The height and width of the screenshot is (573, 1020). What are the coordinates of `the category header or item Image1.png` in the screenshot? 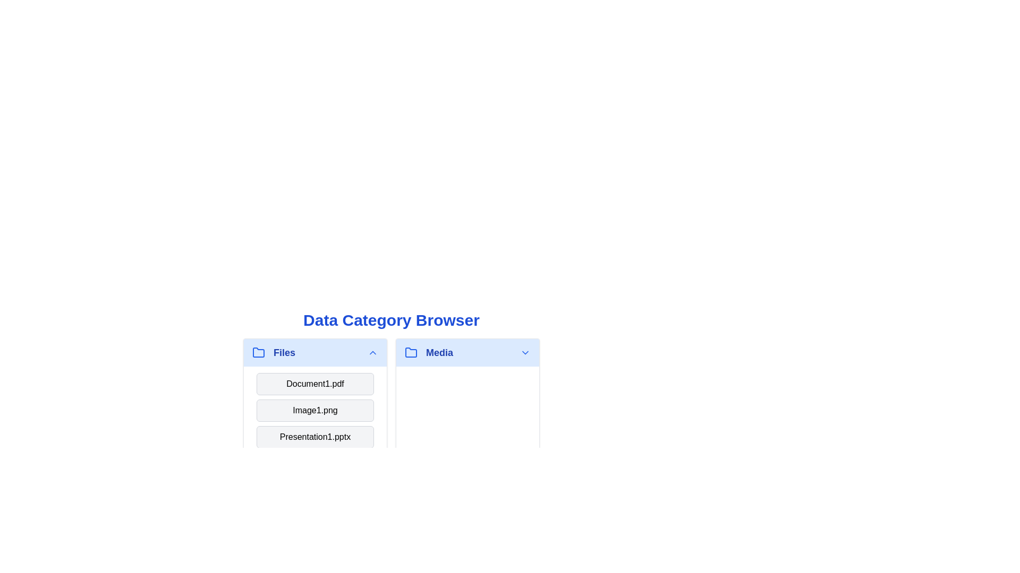 It's located at (314, 410).